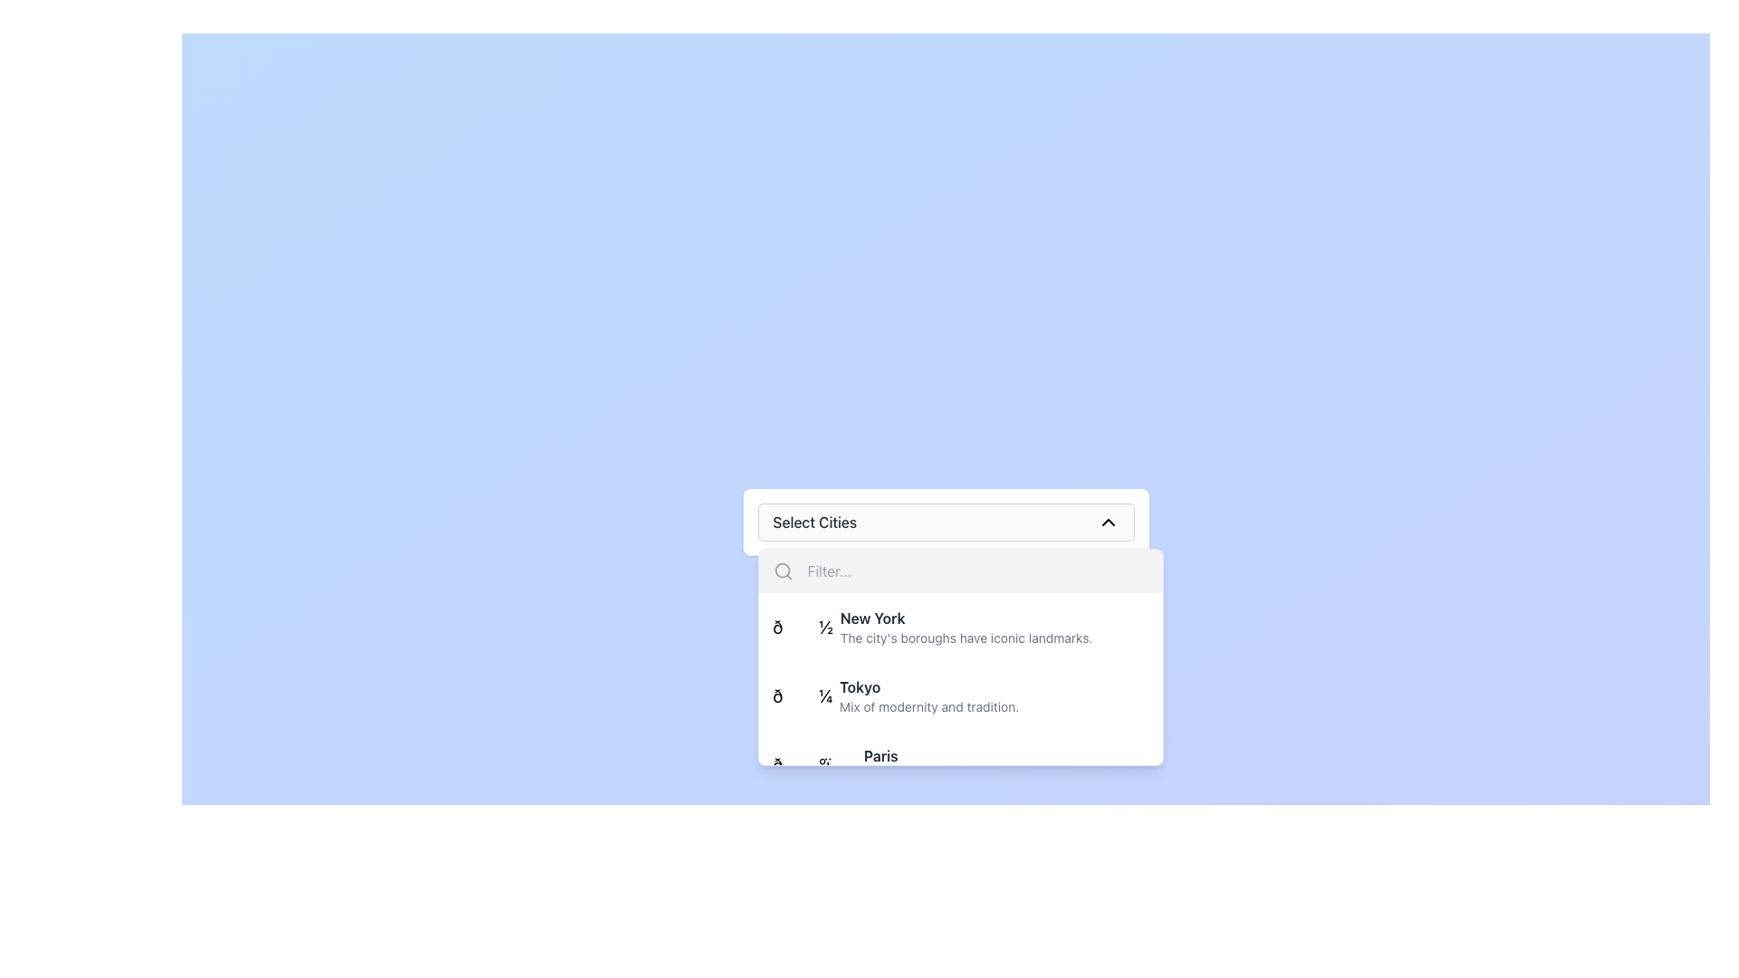  What do you see at coordinates (1107, 523) in the screenshot?
I see `the downward-pointing chevron icon located at the right end of the 'Select Cities' button` at bounding box center [1107, 523].